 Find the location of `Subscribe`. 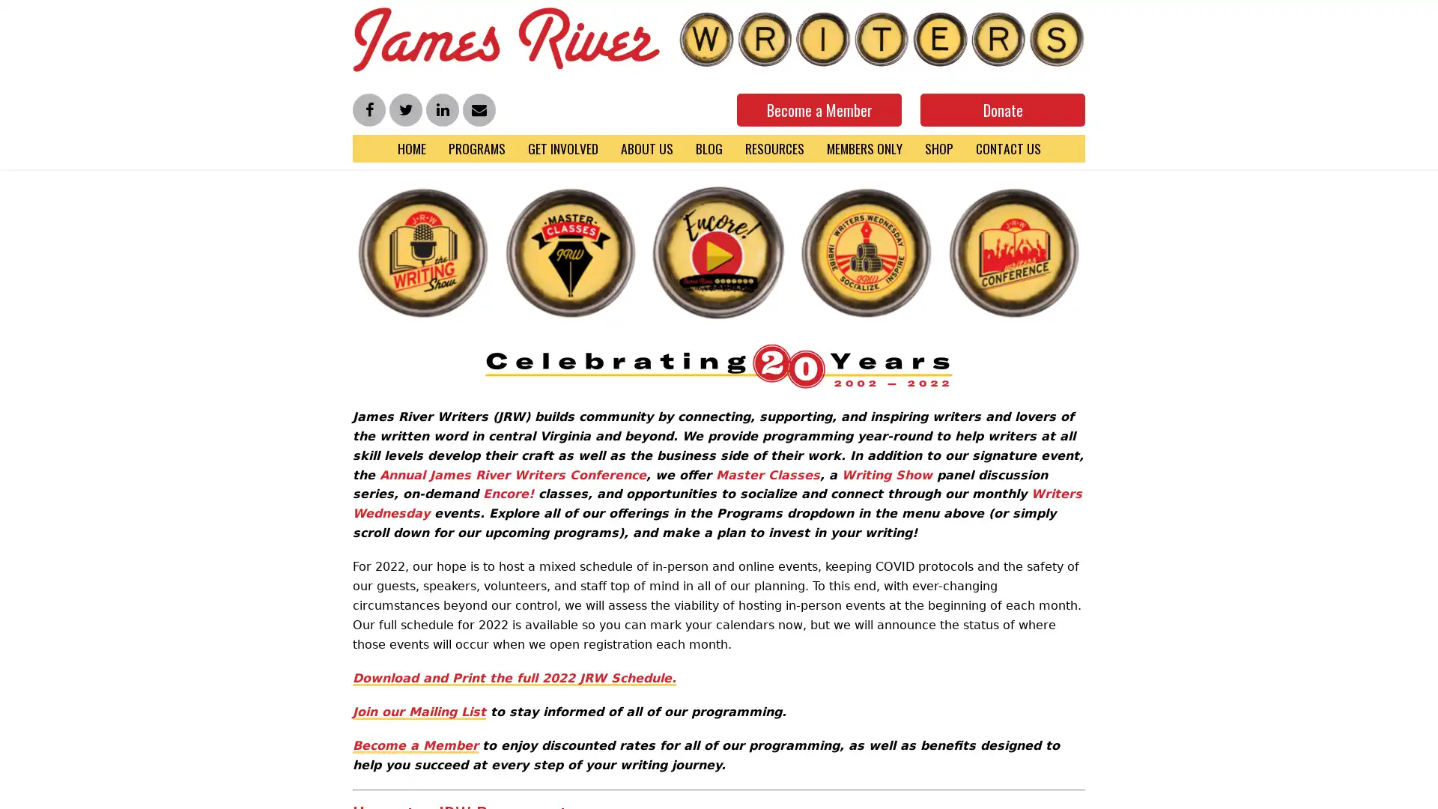

Subscribe is located at coordinates (1280, 788).